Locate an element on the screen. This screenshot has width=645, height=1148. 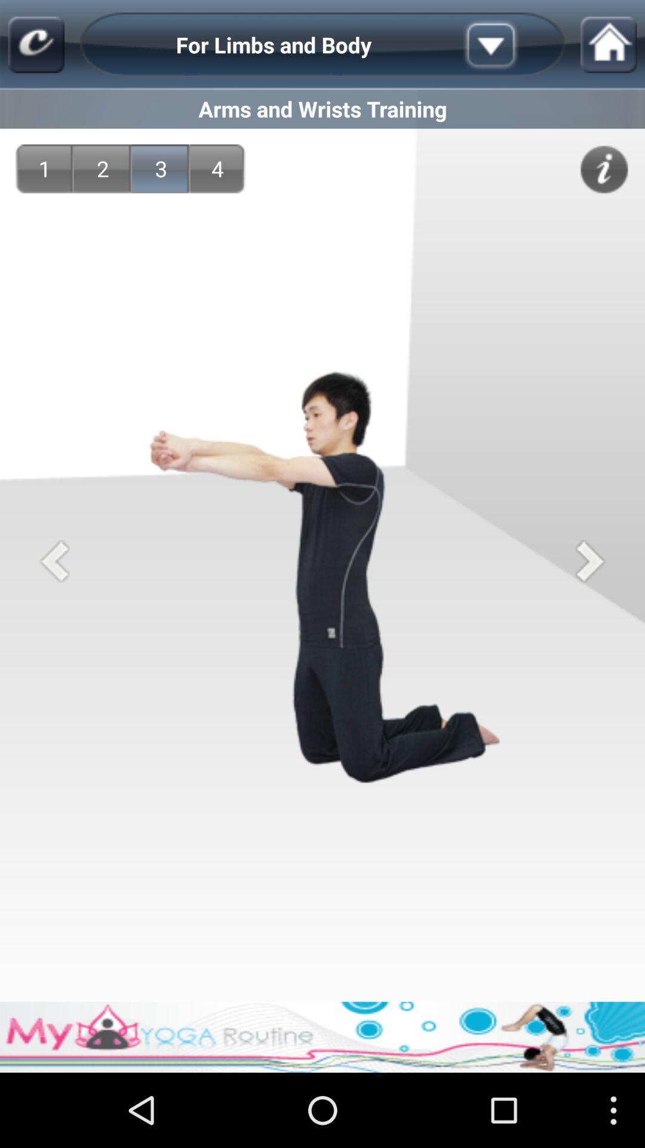
the app above the arms and wrists item is located at coordinates (509, 45).